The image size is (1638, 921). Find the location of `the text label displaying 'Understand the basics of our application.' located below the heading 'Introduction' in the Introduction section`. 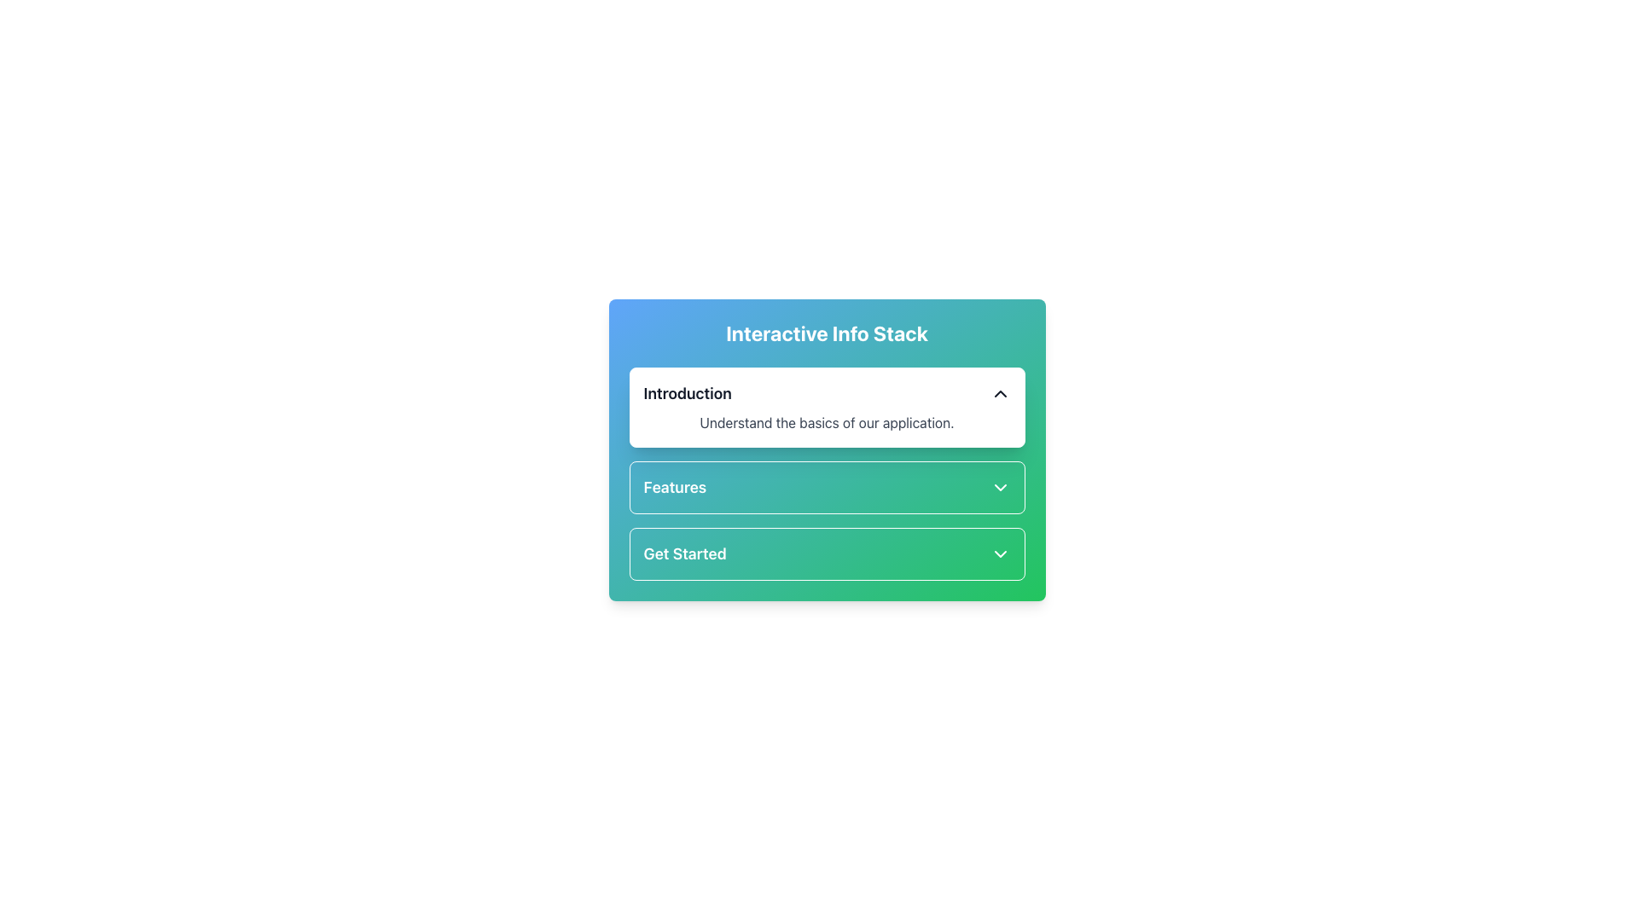

the text label displaying 'Understand the basics of our application.' located below the heading 'Introduction' in the Introduction section is located at coordinates (827, 422).